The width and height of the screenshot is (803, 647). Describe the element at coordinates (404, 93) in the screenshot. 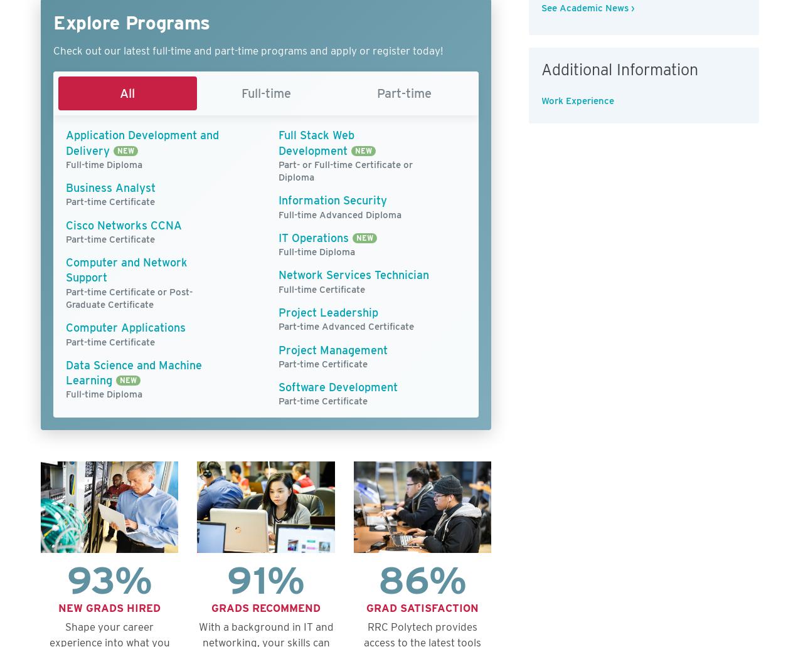

I see `'Part-time'` at that location.